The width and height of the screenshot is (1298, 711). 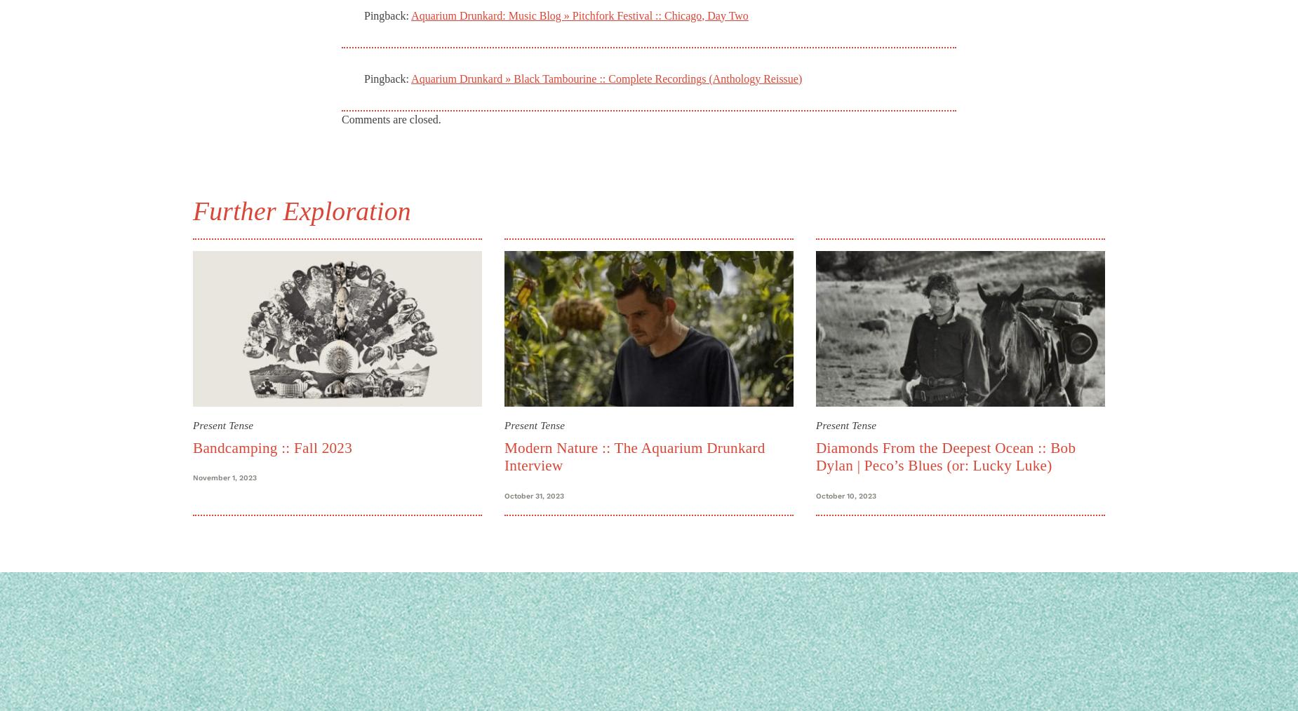 I want to click on 'October 31, 2023', so click(x=534, y=494).